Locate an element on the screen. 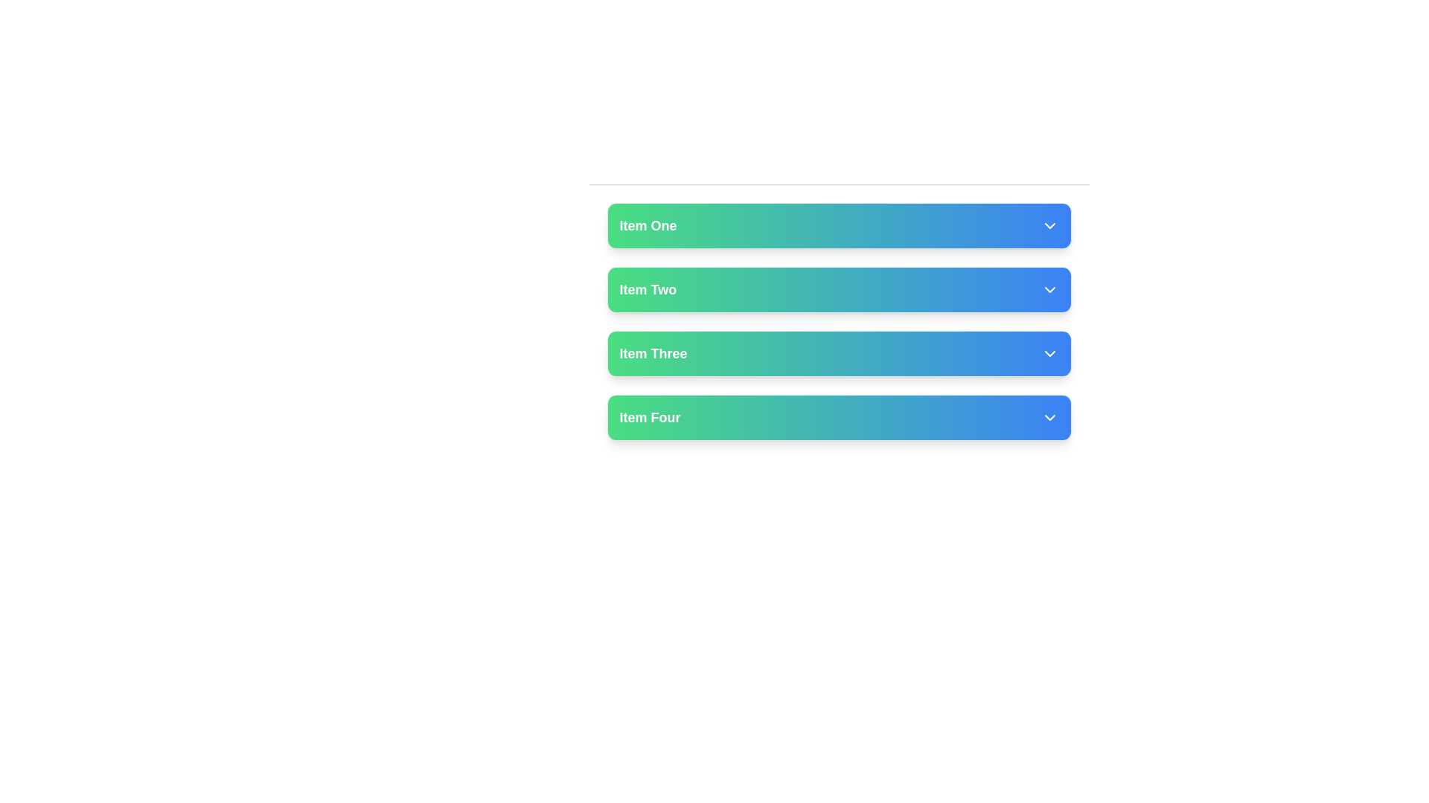 This screenshot has width=1429, height=803. the collapsible menu item labeled 'Item Two' is located at coordinates (839, 289).